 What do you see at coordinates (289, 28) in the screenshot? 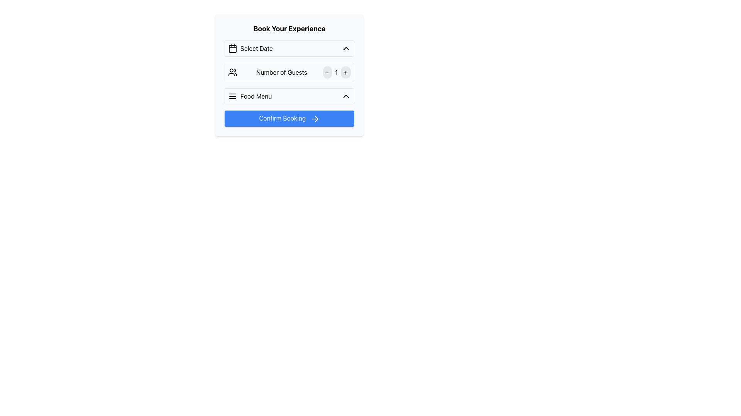
I see `the Static Text element, which serves as a section title guiding users to the booking options below, positioned at the top of the interface` at bounding box center [289, 28].